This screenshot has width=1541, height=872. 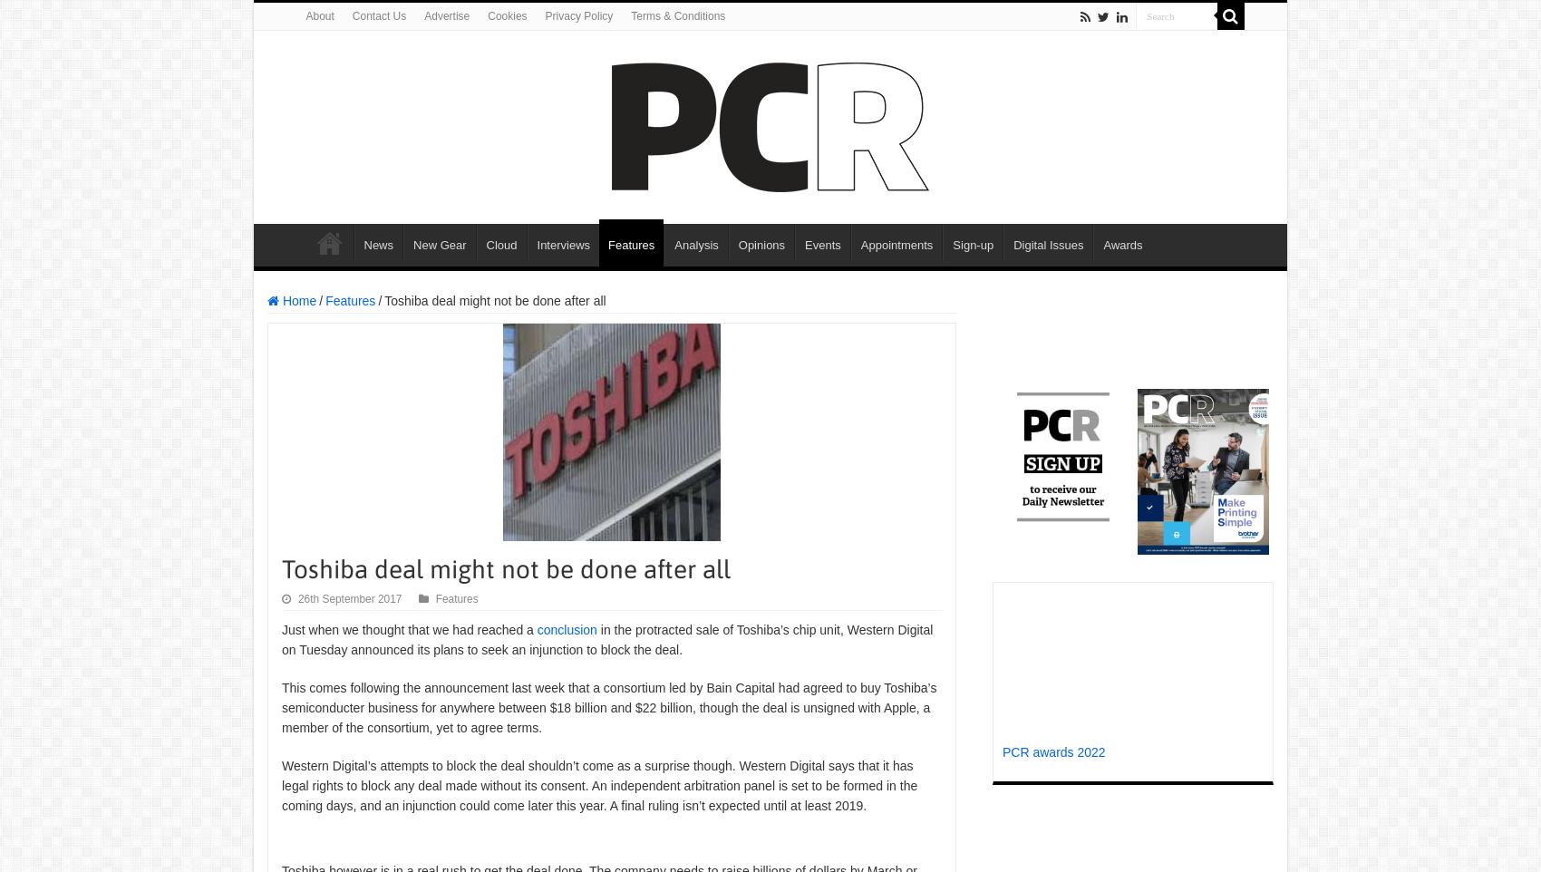 I want to click on 'conclusion', so click(x=565, y=629).